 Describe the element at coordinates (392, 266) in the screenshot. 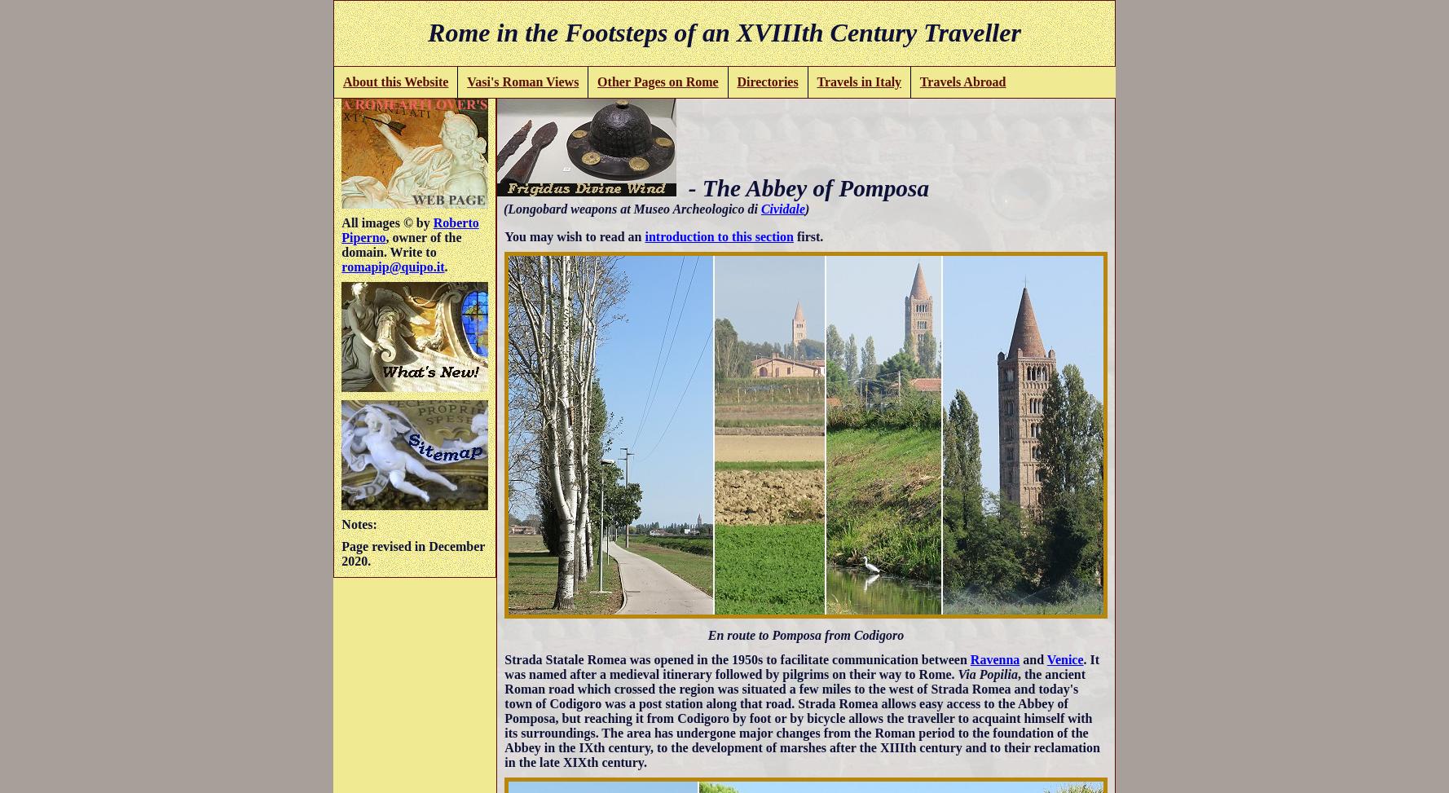

I see `'romapip@quipo.it'` at that location.